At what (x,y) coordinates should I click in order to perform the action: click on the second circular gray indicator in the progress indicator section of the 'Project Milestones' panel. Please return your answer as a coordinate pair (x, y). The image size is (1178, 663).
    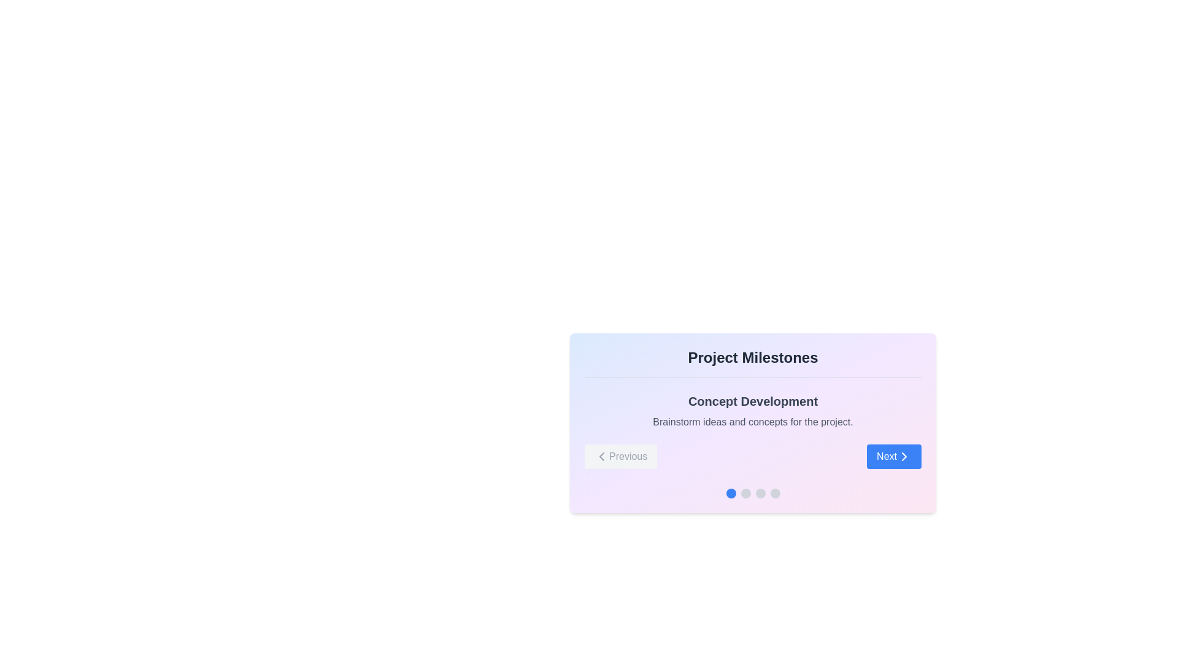
    Looking at the image, I should click on (745, 492).